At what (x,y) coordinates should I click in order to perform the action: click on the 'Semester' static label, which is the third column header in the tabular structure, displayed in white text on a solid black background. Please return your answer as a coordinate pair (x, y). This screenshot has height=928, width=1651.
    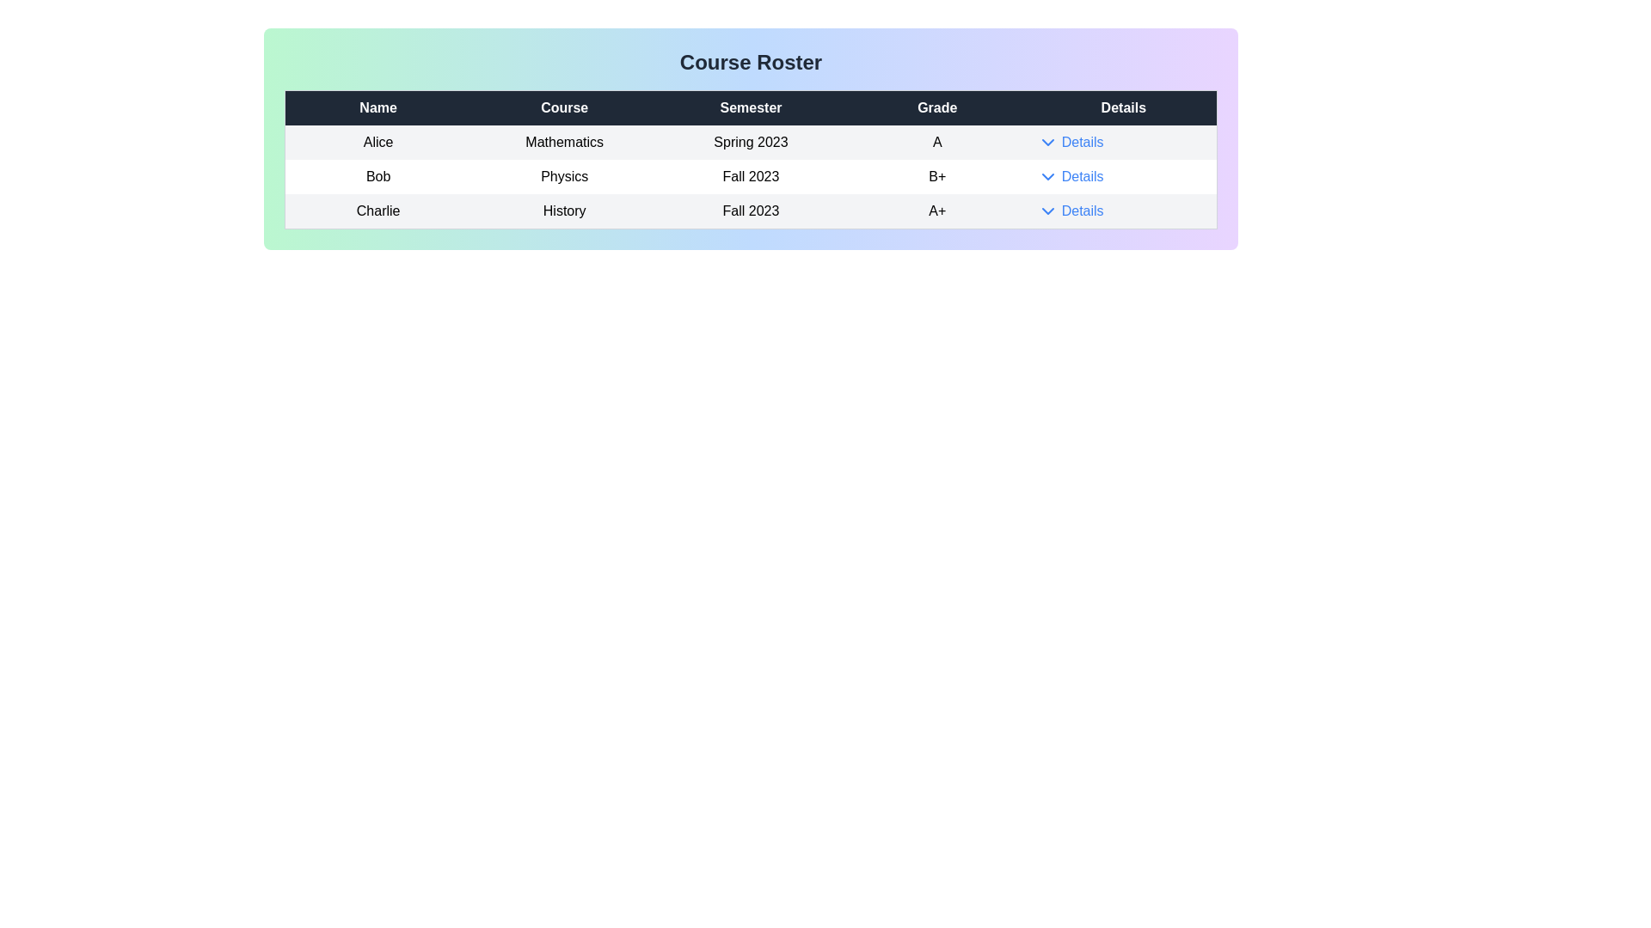
    Looking at the image, I should click on (751, 107).